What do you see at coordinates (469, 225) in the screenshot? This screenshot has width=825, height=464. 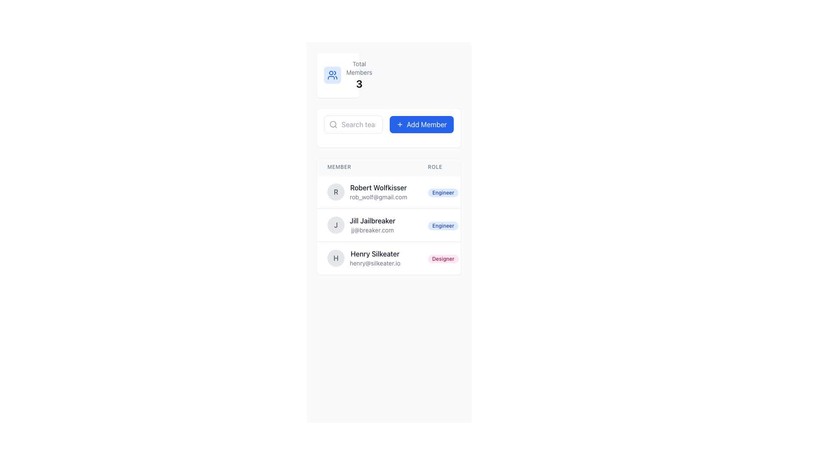 I see `the second row of the team member list displaying information about a specific team member` at bounding box center [469, 225].